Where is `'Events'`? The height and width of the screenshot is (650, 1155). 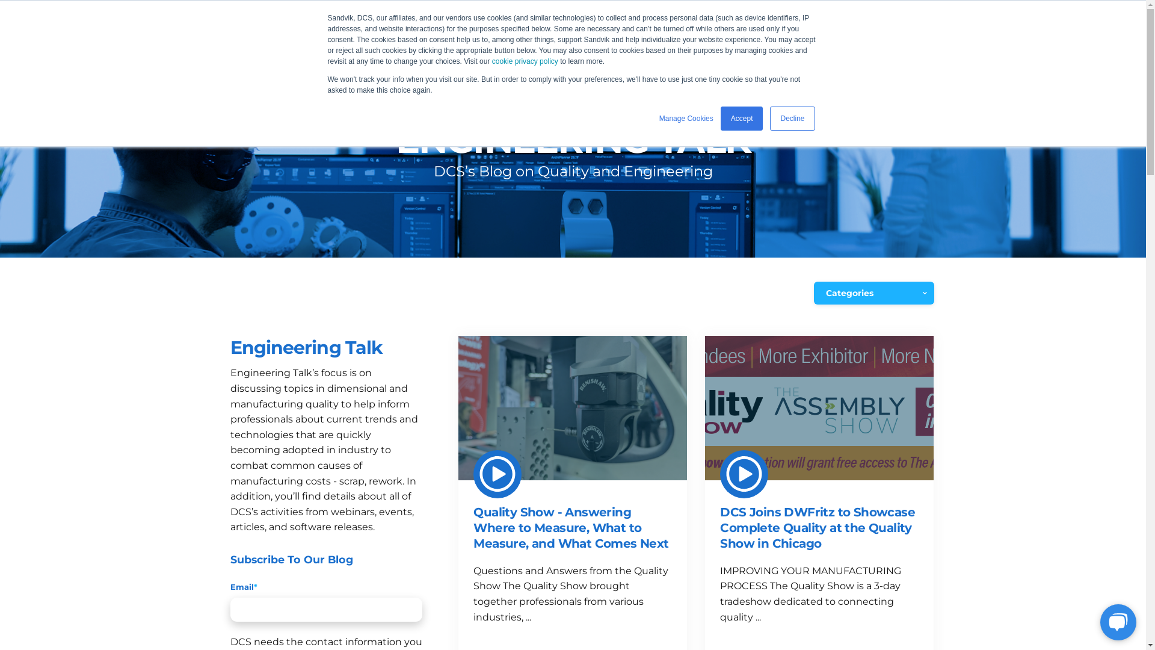
'Events' is located at coordinates (490, 47).